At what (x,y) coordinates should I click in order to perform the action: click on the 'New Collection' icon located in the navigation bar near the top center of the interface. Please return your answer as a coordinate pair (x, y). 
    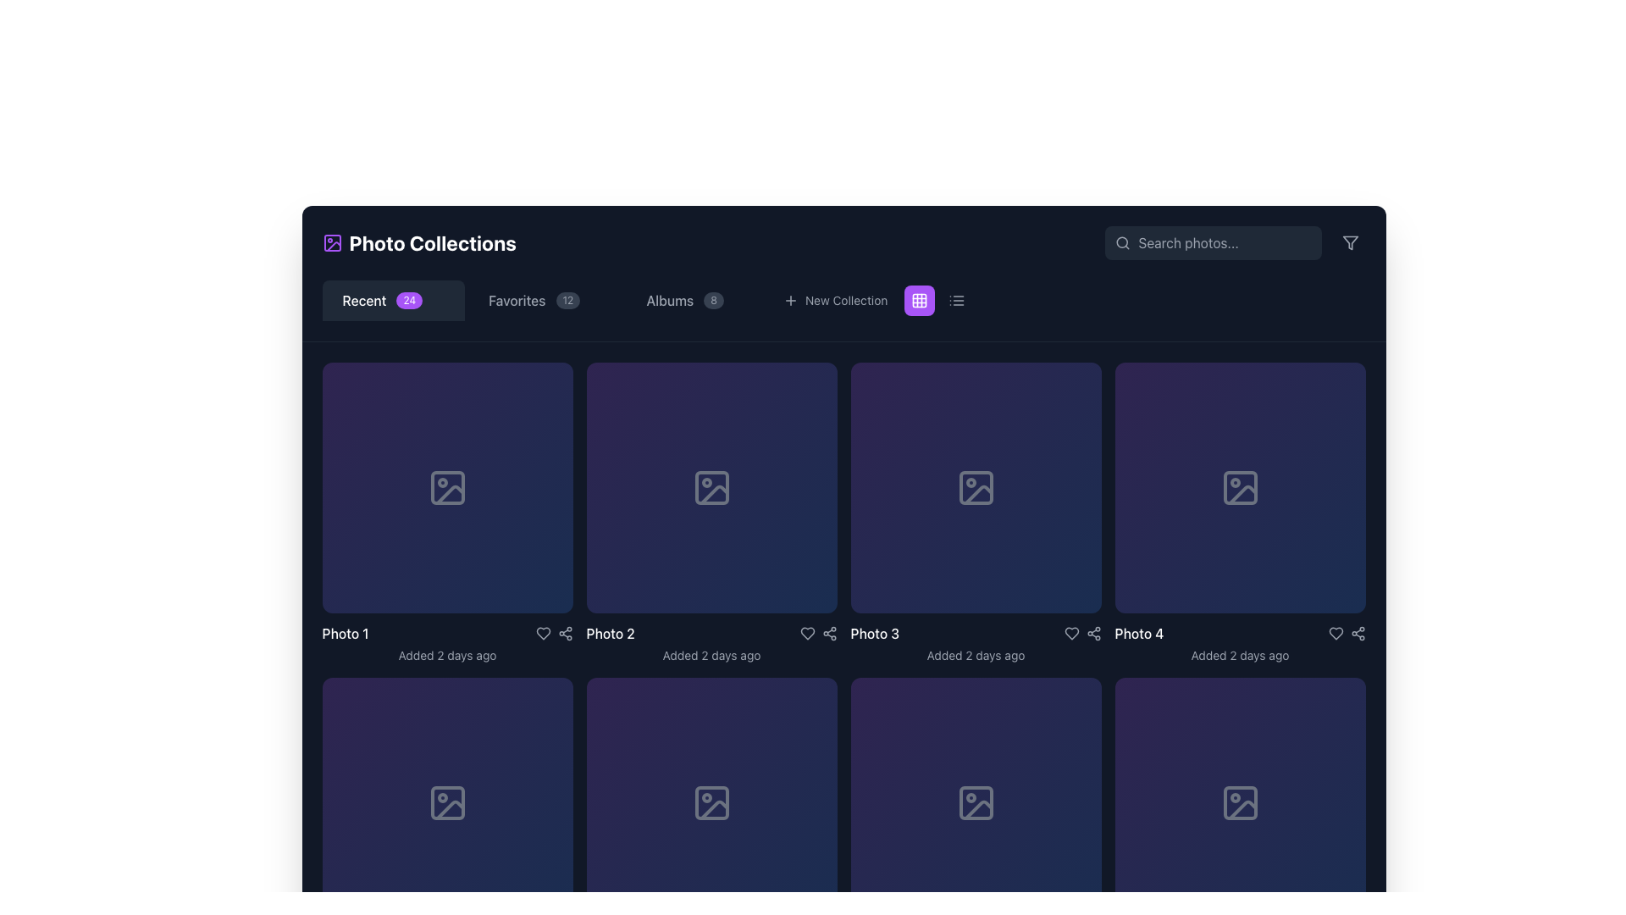
    Looking at the image, I should click on (789, 299).